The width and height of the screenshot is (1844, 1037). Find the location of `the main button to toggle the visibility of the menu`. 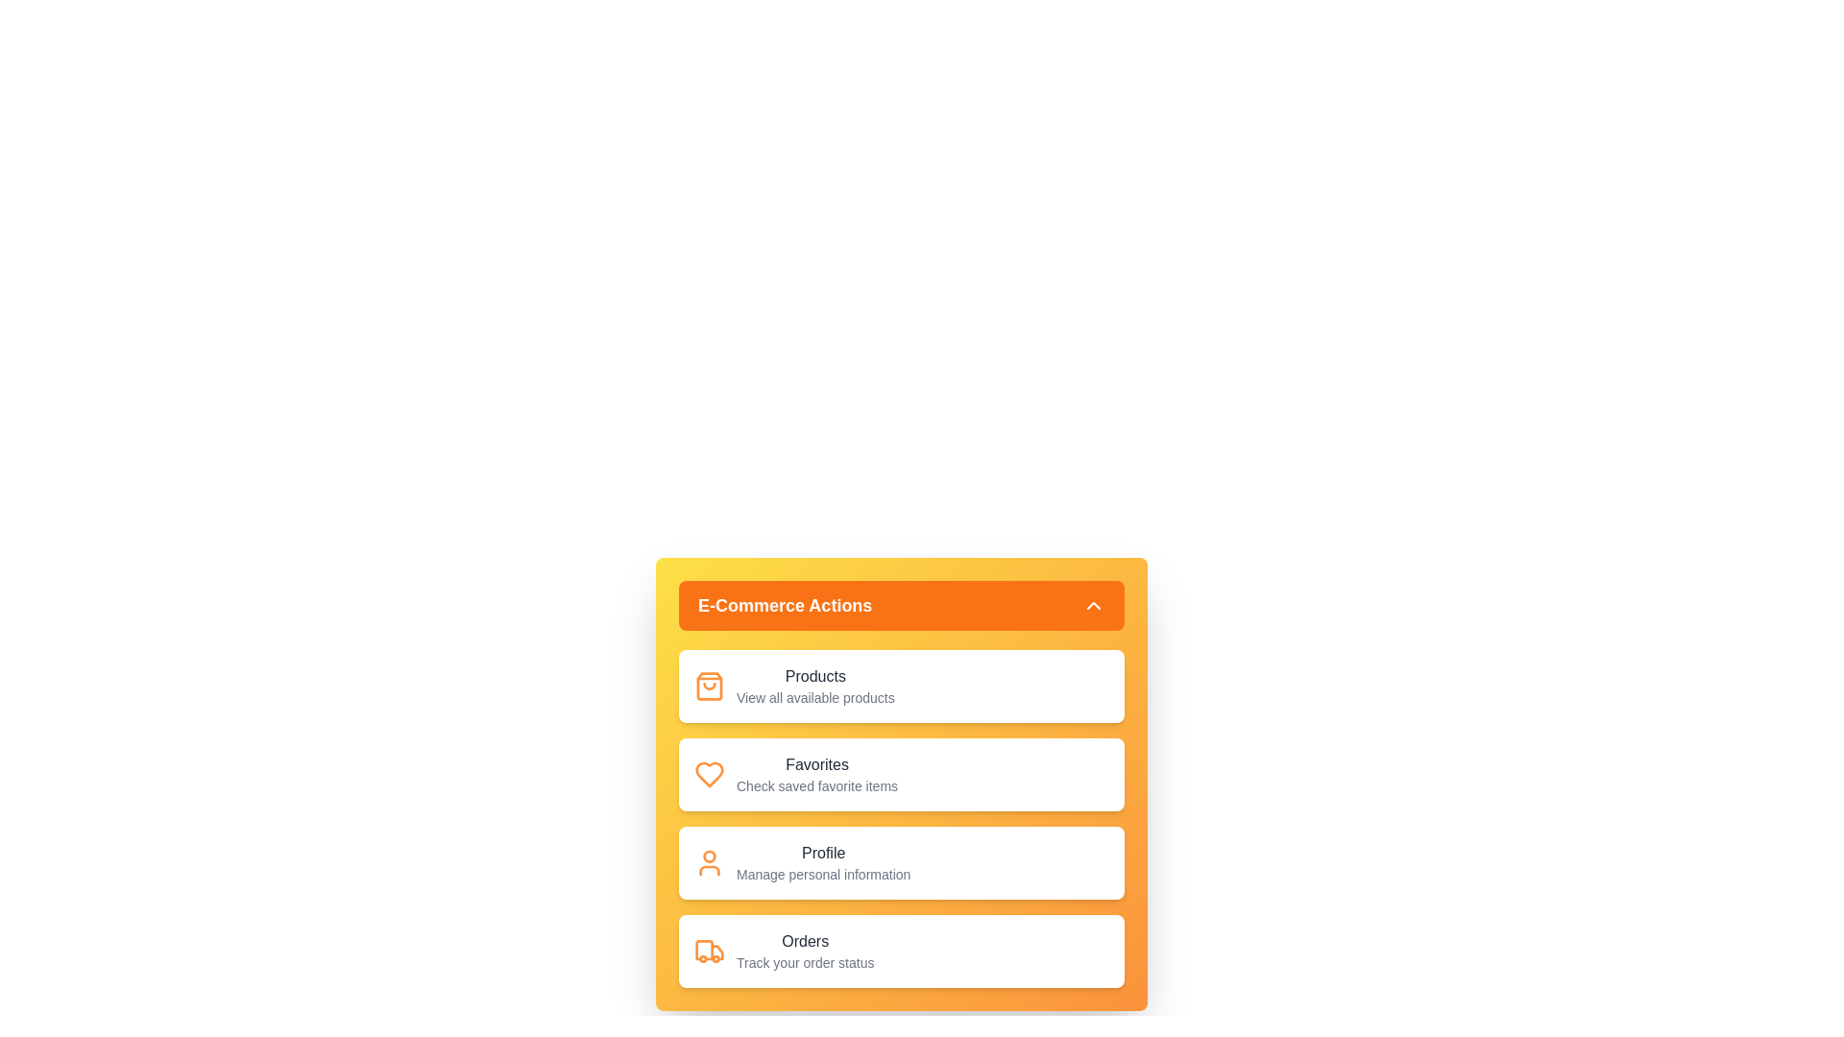

the main button to toggle the visibility of the menu is located at coordinates (901, 606).